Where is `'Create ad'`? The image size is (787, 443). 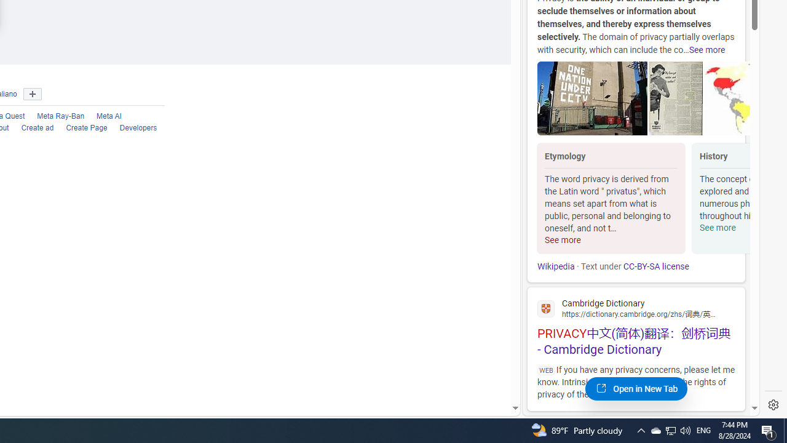 'Create ad' is located at coordinates (38, 128).